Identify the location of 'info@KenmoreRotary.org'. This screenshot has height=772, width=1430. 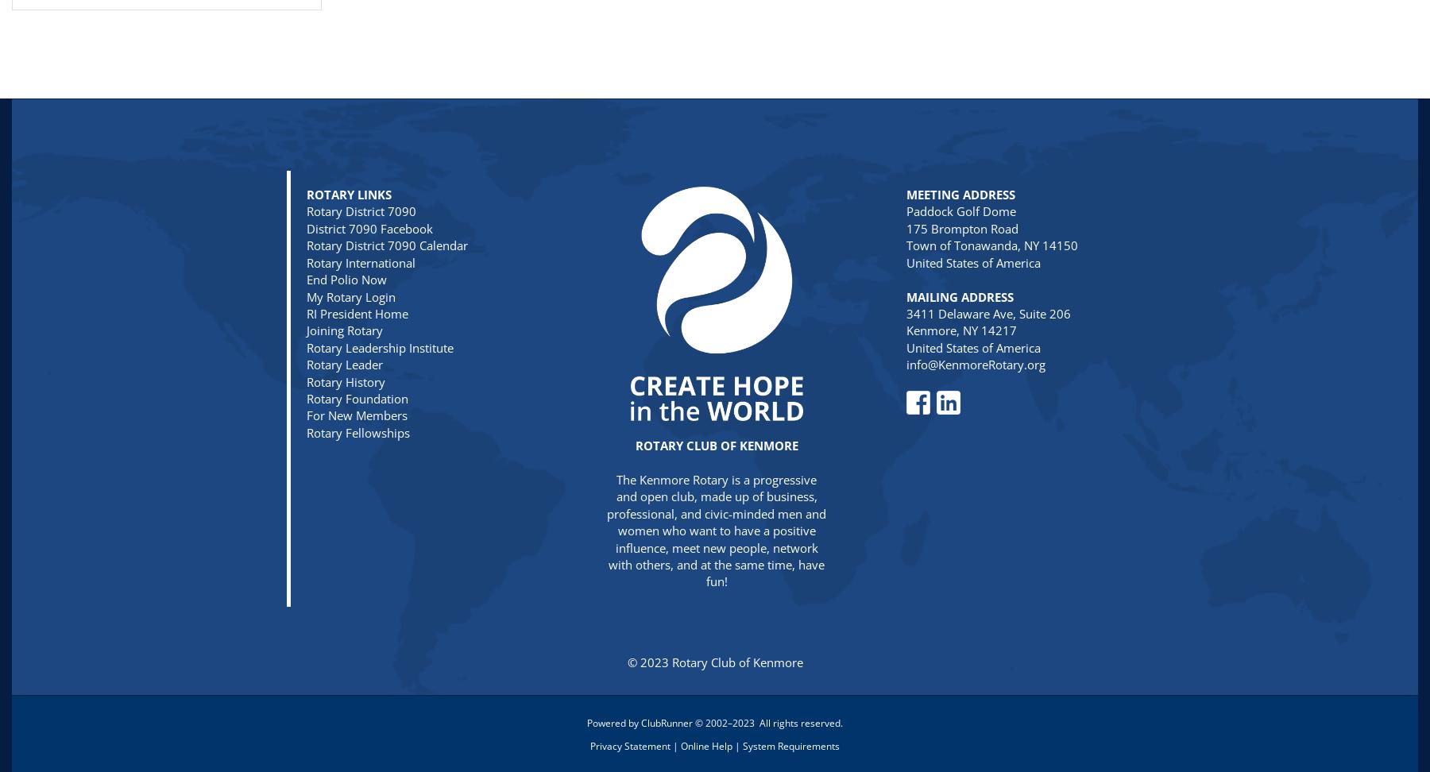
(906, 363).